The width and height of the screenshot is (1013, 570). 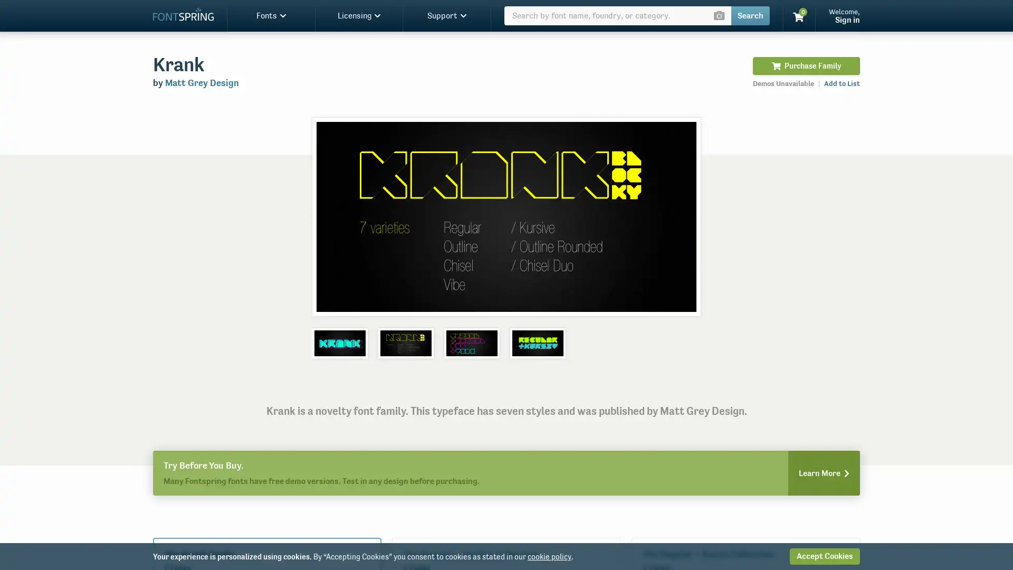 I want to click on Add to List, so click(x=842, y=83).